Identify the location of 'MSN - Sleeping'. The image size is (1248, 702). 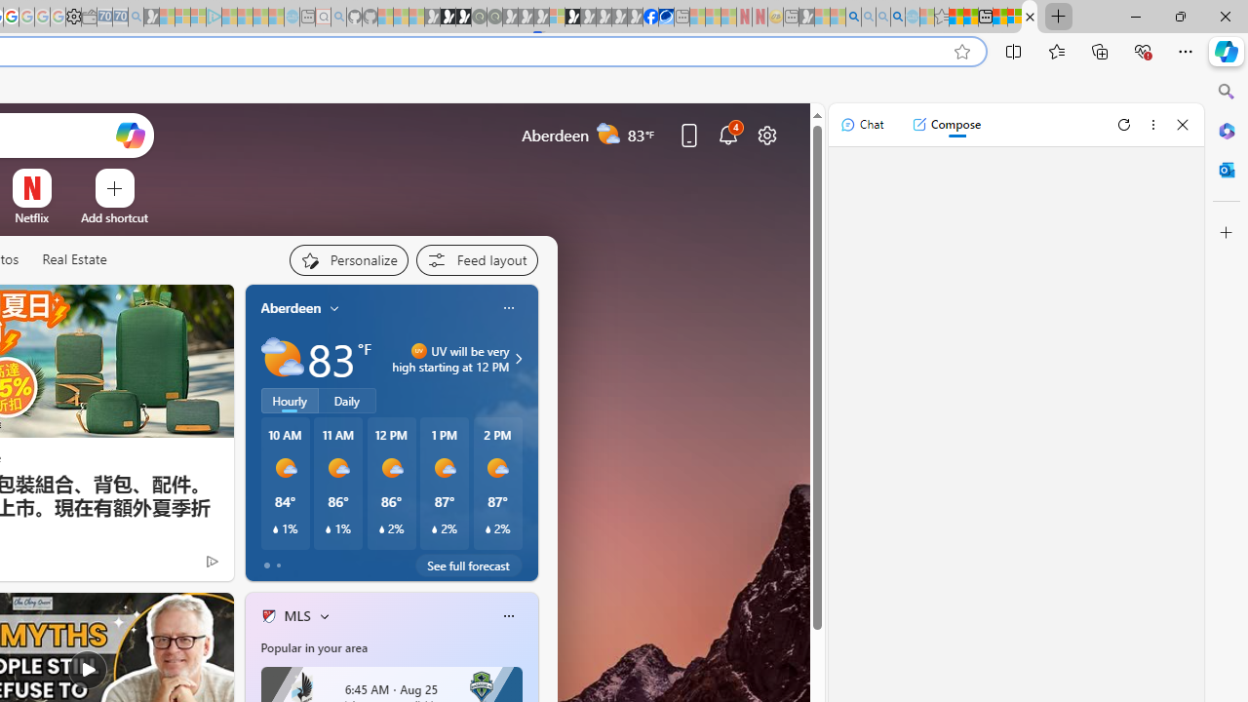
(806, 17).